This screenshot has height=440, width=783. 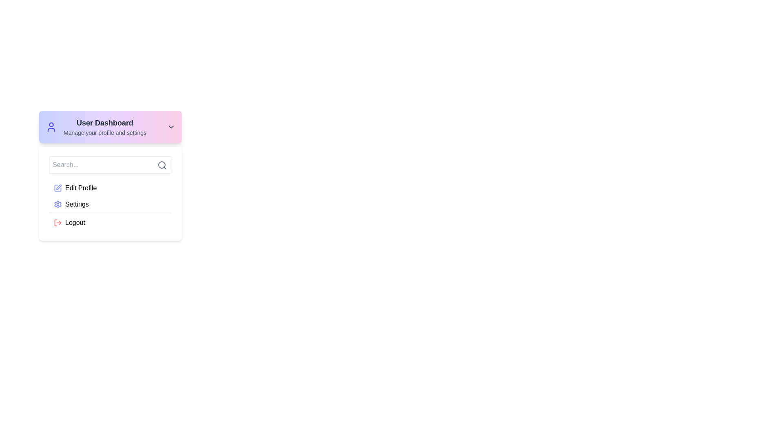 I want to click on the 'Settings' button element in the User Dashboard, so click(x=110, y=204).